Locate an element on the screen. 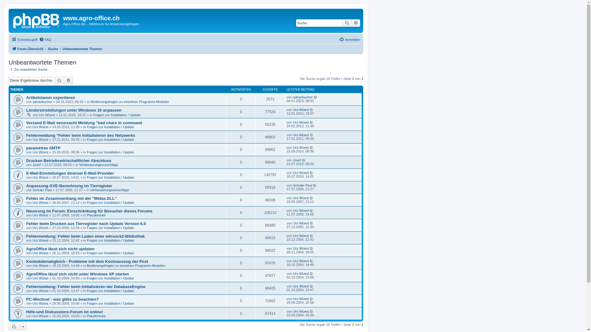 This screenshot has width=591, height=332. 'Anzeige- und Sortierungs-Einstellungen' is located at coordinates (18, 326).